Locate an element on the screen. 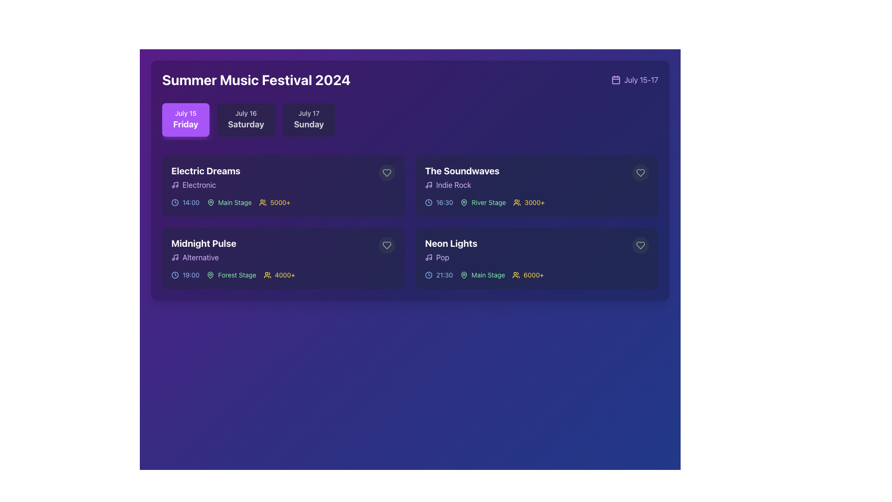  text label displaying 'Indie Rock' in purple, located within the details section of the music event card under the title 'The Soundwaves' is located at coordinates (453, 185).